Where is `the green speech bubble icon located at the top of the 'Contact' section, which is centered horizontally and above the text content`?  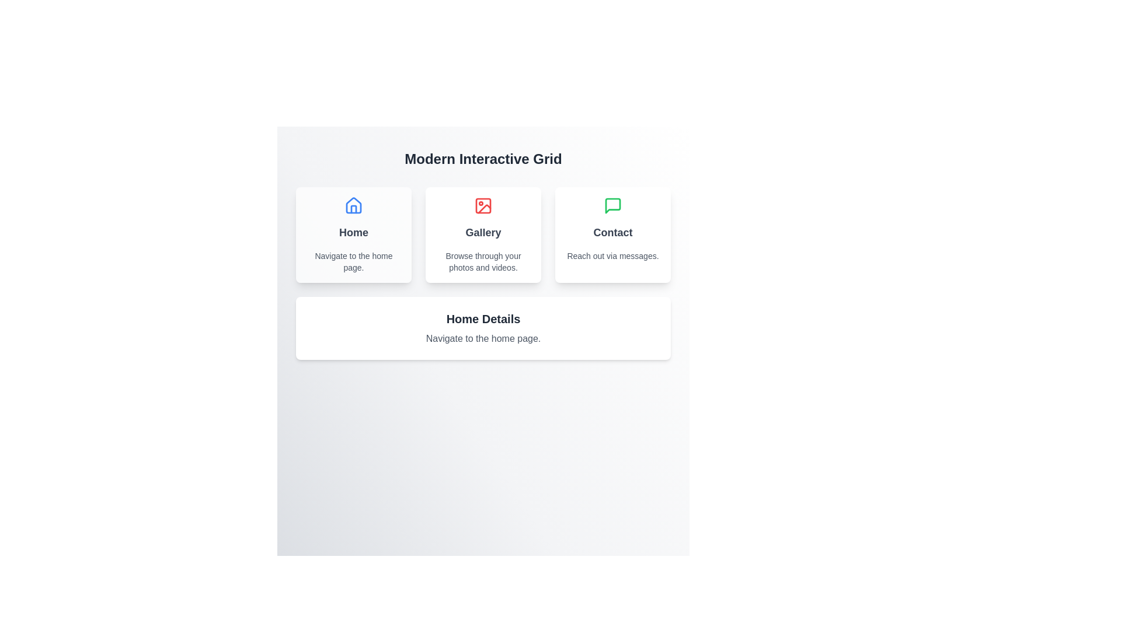
the green speech bubble icon located at the top of the 'Contact' section, which is centered horizontally and above the text content is located at coordinates (612, 205).